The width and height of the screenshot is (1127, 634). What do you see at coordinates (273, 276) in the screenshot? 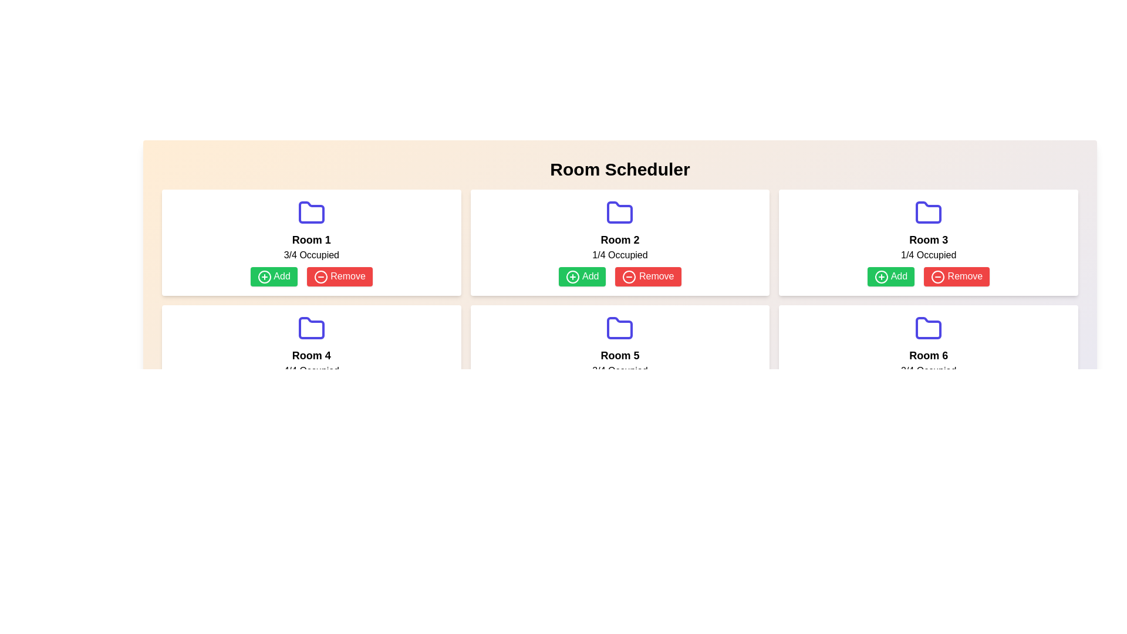
I see `'Add' button for Room 1 to increase its occupancy` at bounding box center [273, 276].